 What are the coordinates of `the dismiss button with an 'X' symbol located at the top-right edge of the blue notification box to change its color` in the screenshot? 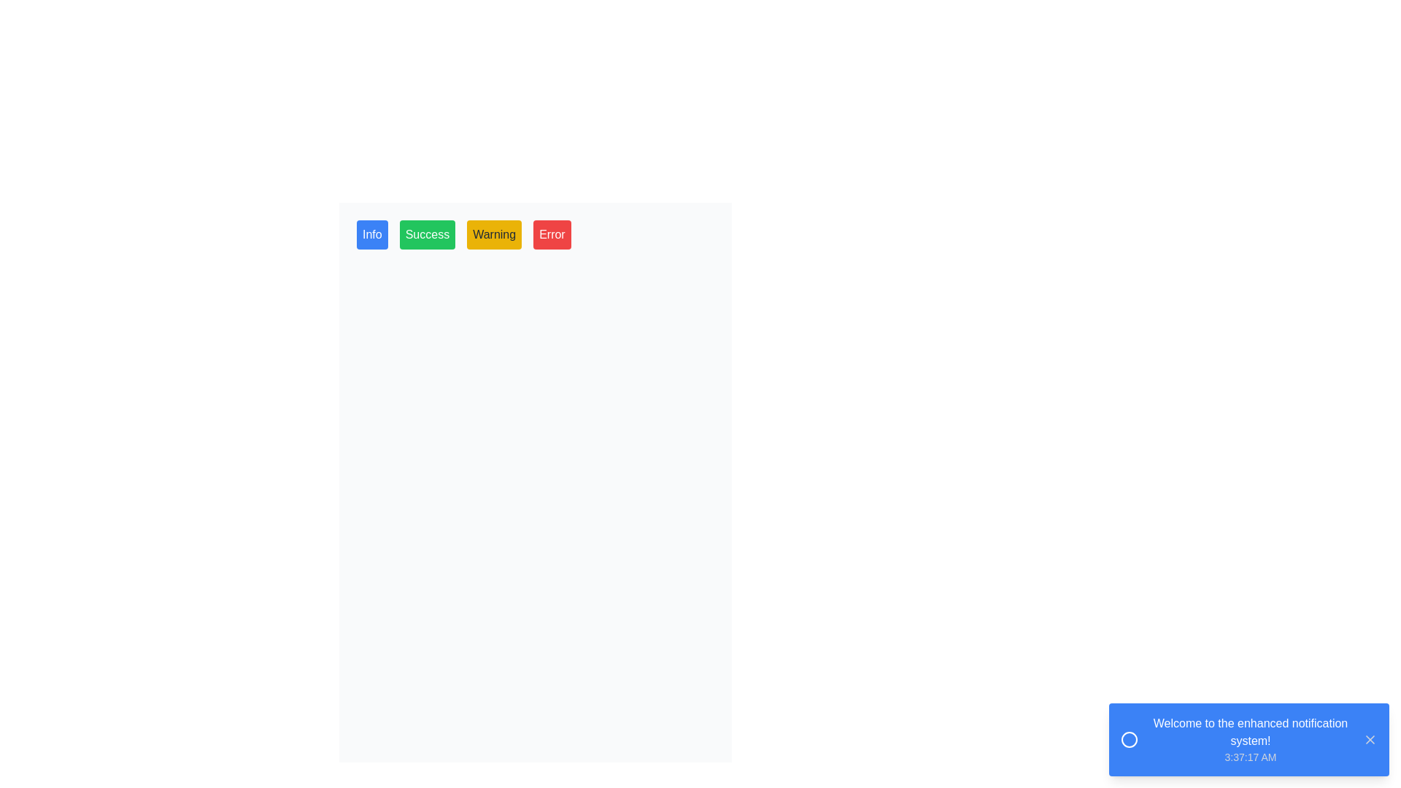 It's located at (1369, 740).